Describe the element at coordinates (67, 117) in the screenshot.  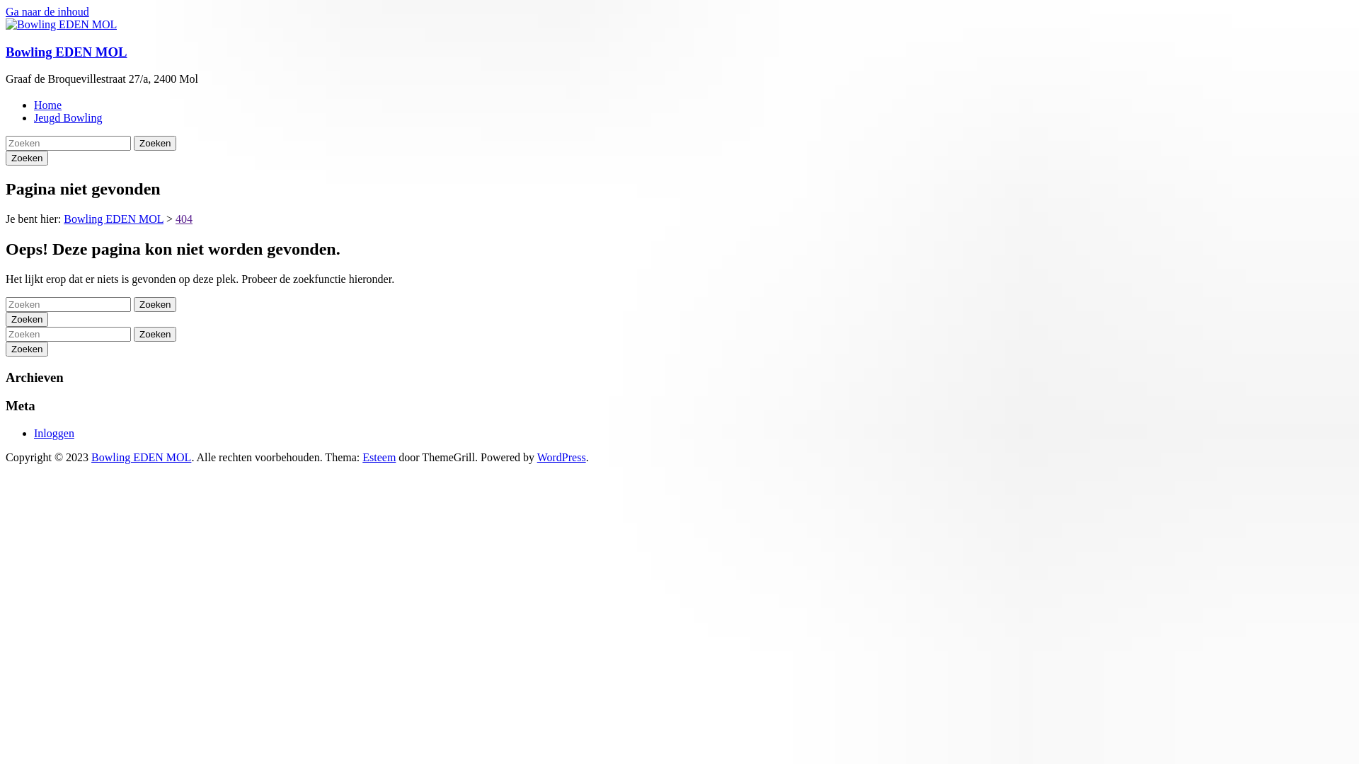
I see `'Jeugd Bowling'` at that location.